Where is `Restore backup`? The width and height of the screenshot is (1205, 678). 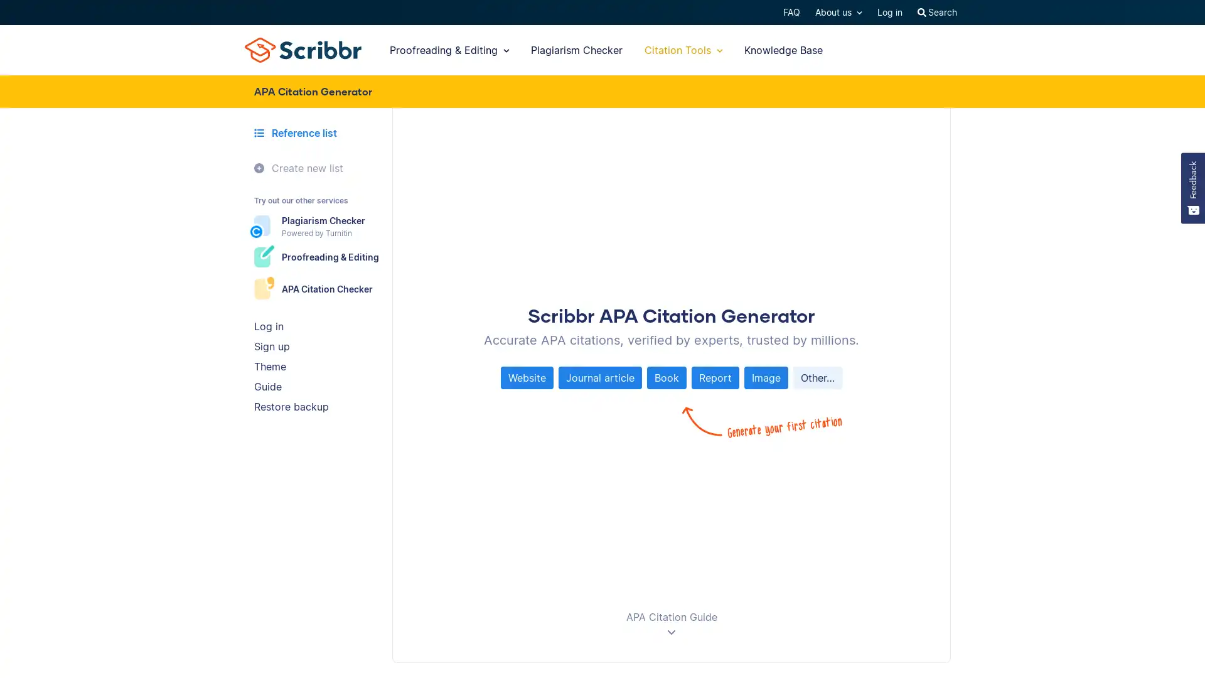 Restore backup is located at coordinates (319, 406).